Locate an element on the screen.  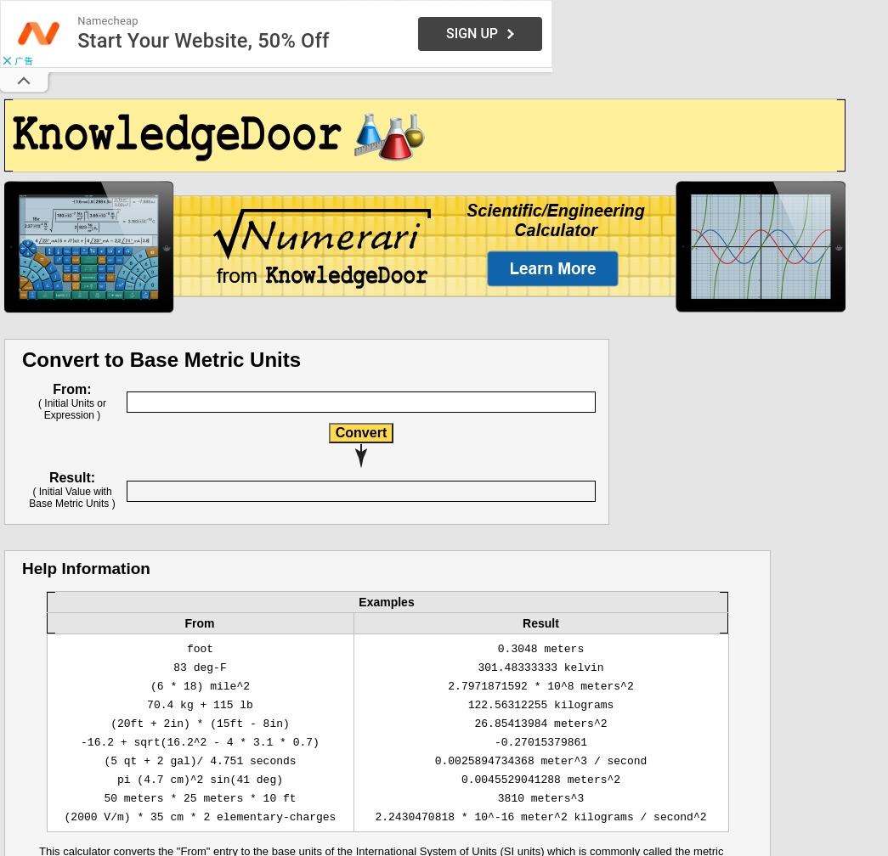
'-0.27015379861' is located at coordinates (539, 742).